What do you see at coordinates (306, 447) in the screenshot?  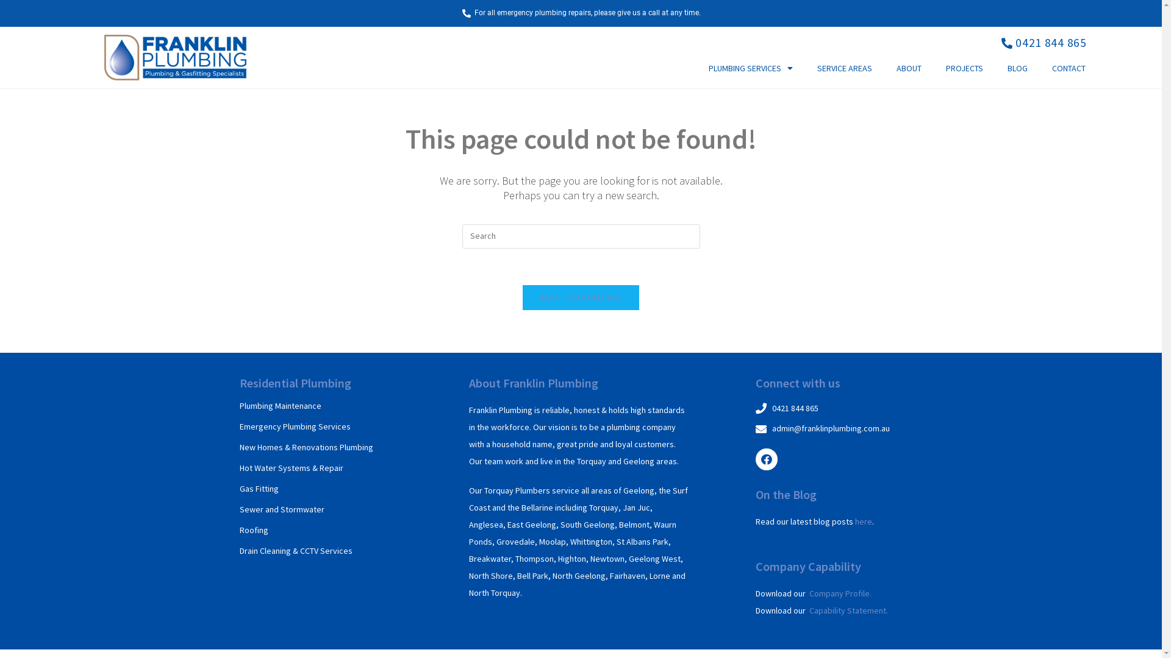 I see `'New Homes & Renovations Plumbing'` at bounding box center [306, 447].